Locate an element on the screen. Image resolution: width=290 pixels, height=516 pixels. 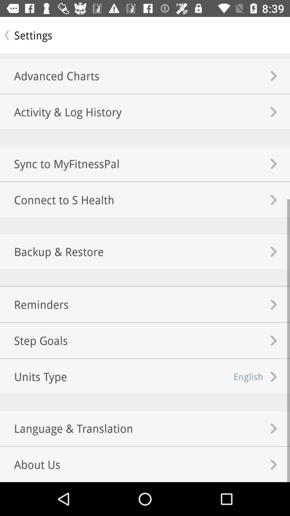
units type item is located at coordinates (33, 376).